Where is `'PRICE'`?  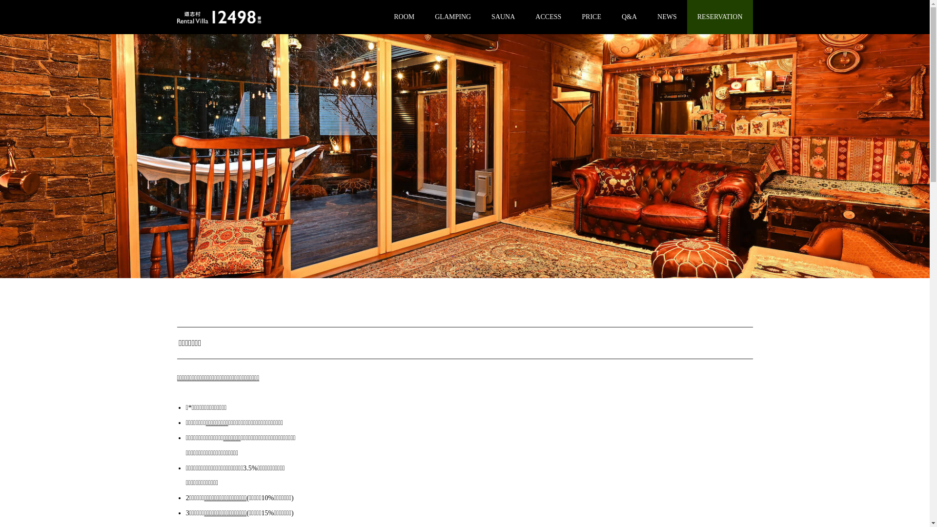
'PRICE' is located at coordinates (591, 17).